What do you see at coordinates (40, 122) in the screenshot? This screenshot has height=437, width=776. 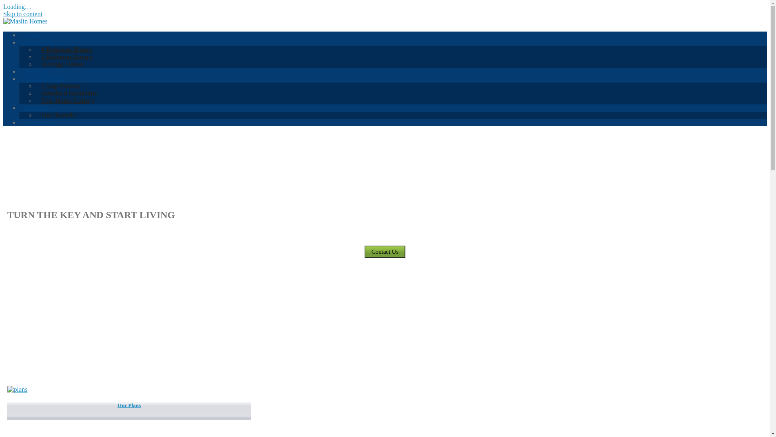 I see `'Contact Us'` at bounding box center [40, 122].